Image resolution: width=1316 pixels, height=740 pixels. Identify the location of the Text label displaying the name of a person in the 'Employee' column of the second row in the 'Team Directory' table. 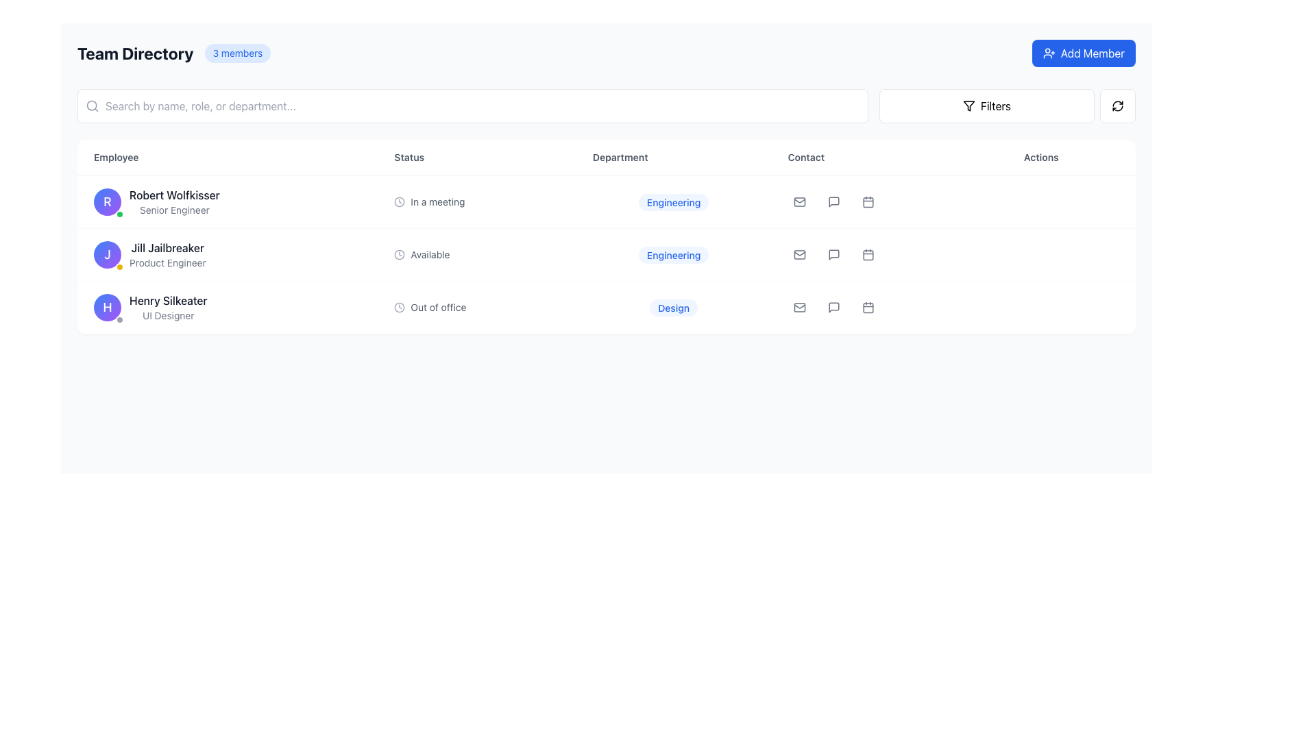
(167, 248).